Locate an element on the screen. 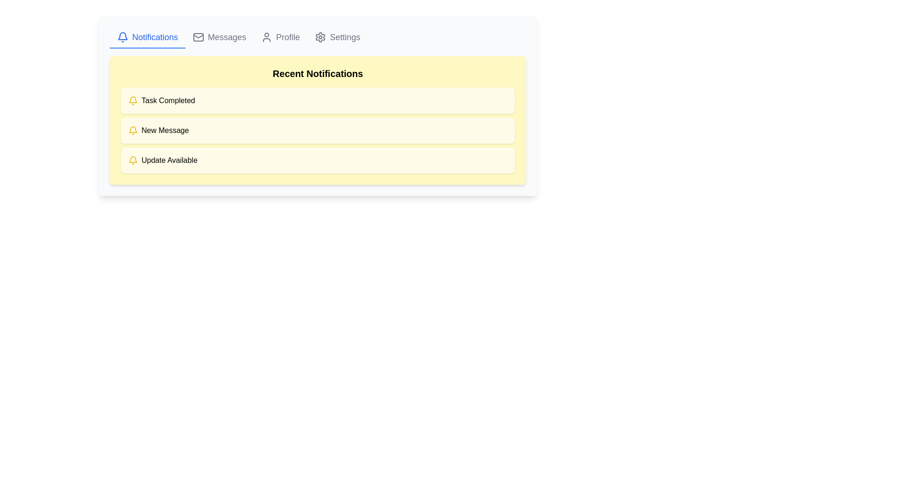 Image resolution: width=897 pixels, height=504 pixels. the Profile button located in the navbar at the top of the interface is located at coordinates (280, 37).